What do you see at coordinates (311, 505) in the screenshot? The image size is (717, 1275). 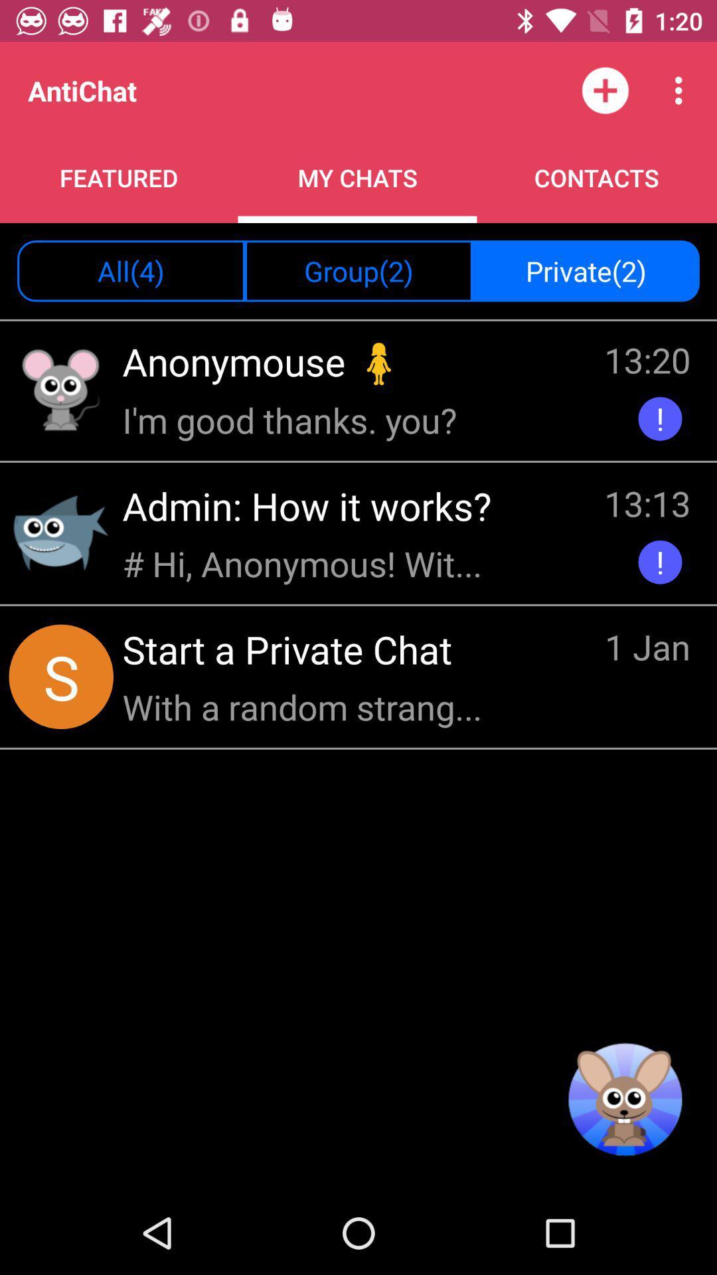 I see `item next to 13:13` at bounding box center [311, 505].